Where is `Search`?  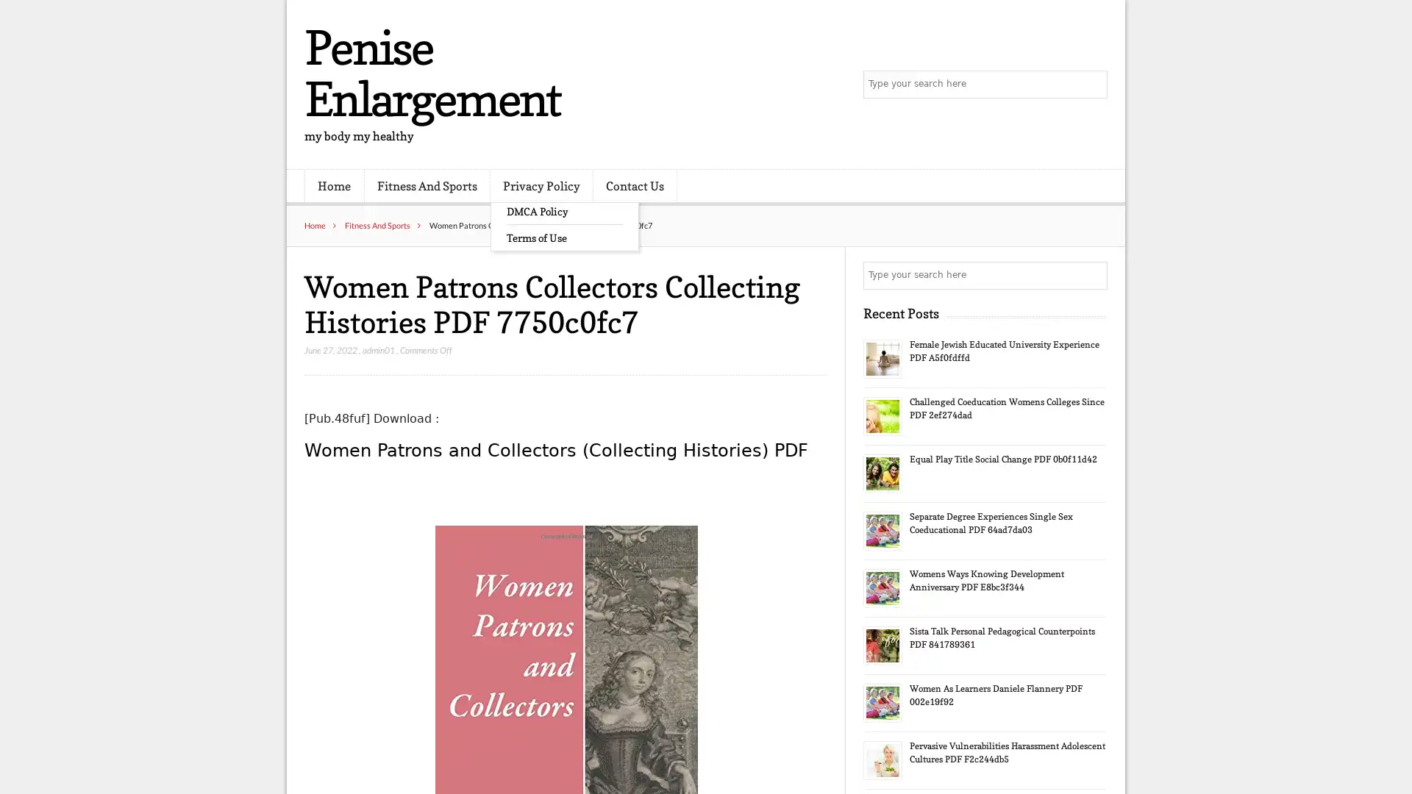 Search is located at coordinates (1092, 85).